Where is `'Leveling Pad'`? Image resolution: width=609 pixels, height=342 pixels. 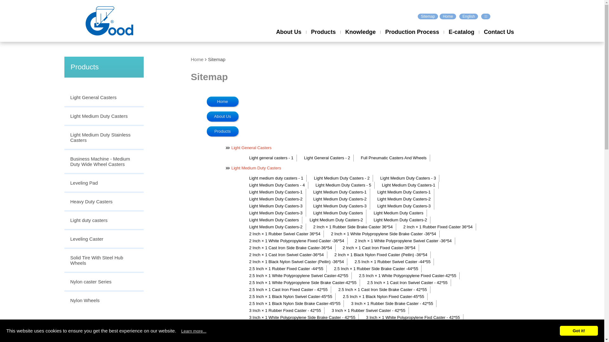
'Leveling Pad' is located at coordinates (103, 183).